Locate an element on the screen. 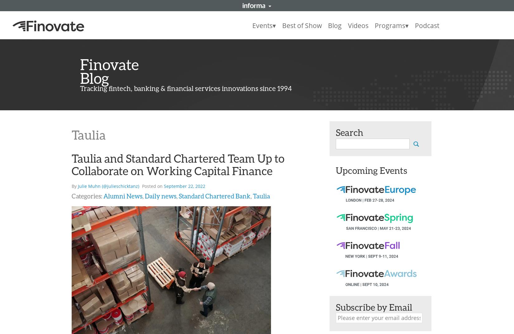 The width and height of the screenshot is (514, 334). 'September 22, 2022' is located at coordinates (164, 186).